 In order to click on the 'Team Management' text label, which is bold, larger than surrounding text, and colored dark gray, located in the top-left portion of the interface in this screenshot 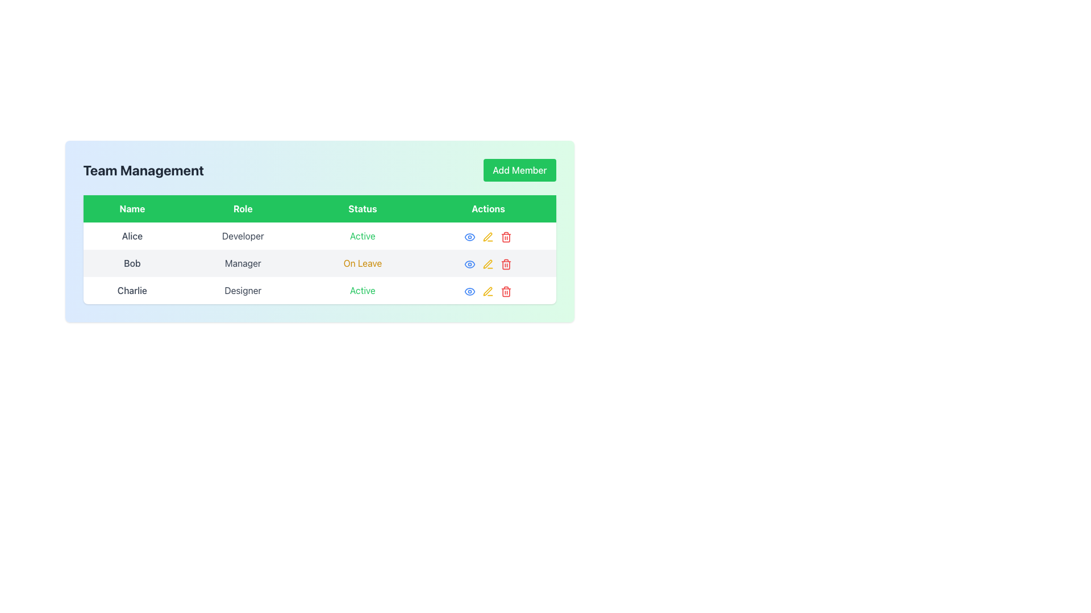, I will do `click(143, 170)`.